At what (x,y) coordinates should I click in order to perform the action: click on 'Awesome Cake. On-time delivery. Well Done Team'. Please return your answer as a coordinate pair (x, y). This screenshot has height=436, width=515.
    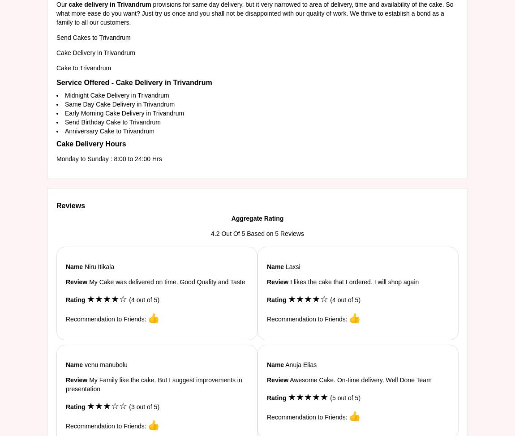
    Looking at the image, I should click on (359, 380).